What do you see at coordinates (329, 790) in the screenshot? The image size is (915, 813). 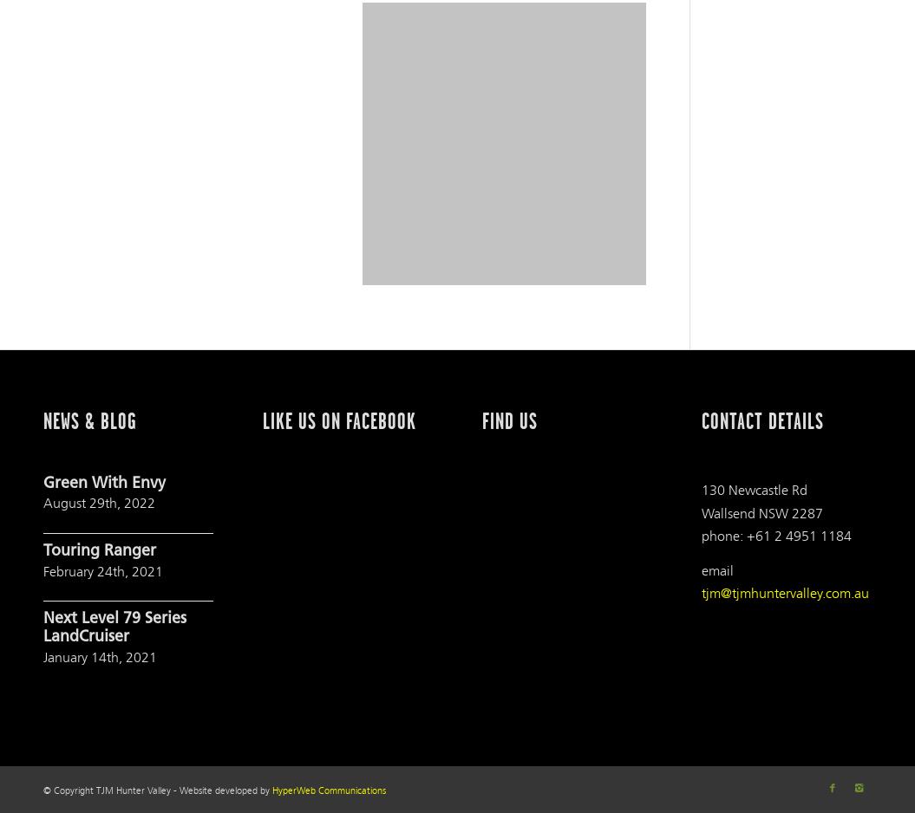 I see `'HyperWeb Communications'` at bounding box center [329, 790].